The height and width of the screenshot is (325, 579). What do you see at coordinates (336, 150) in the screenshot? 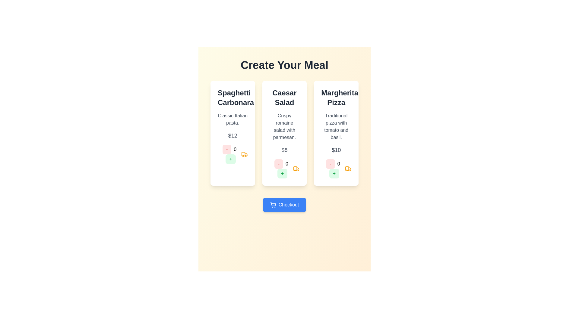
I see `the text label displaying the price '$10' in a medium-sized, gray font, located in the rightmost card of the three-item grid layout, below the description 'Traditional pizza with tomato and basil.'` at bounding box center [336, 150].